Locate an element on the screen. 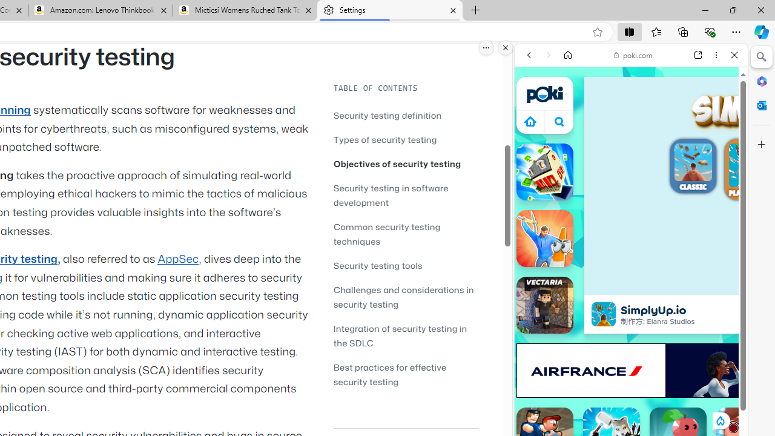 The width and height of the screenshot is (775, 436). 'Security testing definition' is located at coordinates (387, 115).